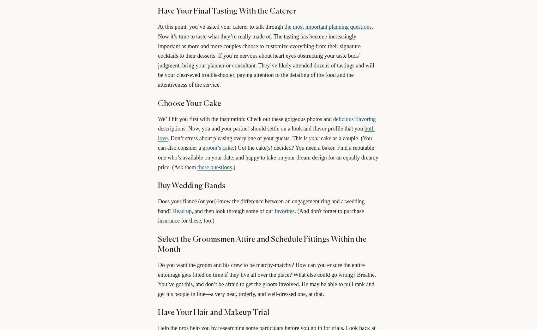 The image size is (537, 330). I want to click on 'the most important planning questions', so click(284, 27).